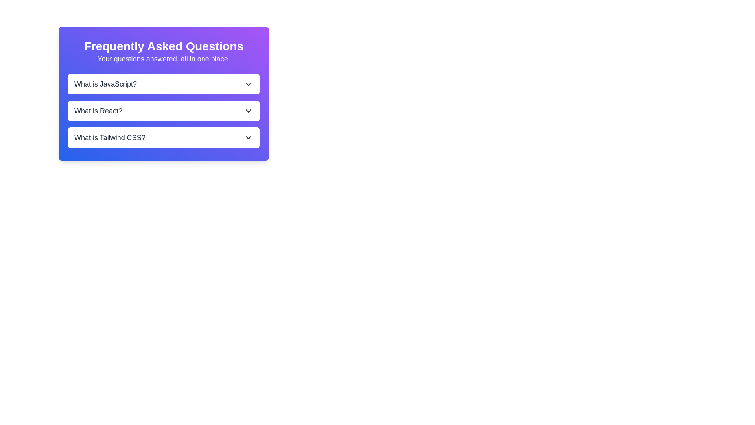 The height and width of the screenshot is (425, 755). What do you see at coordinates (98, 111) in the screenshot?
I see `the descriptive text label that serves as a header in the Frequently Asked Questions interface` at bounding box center [98, 111].